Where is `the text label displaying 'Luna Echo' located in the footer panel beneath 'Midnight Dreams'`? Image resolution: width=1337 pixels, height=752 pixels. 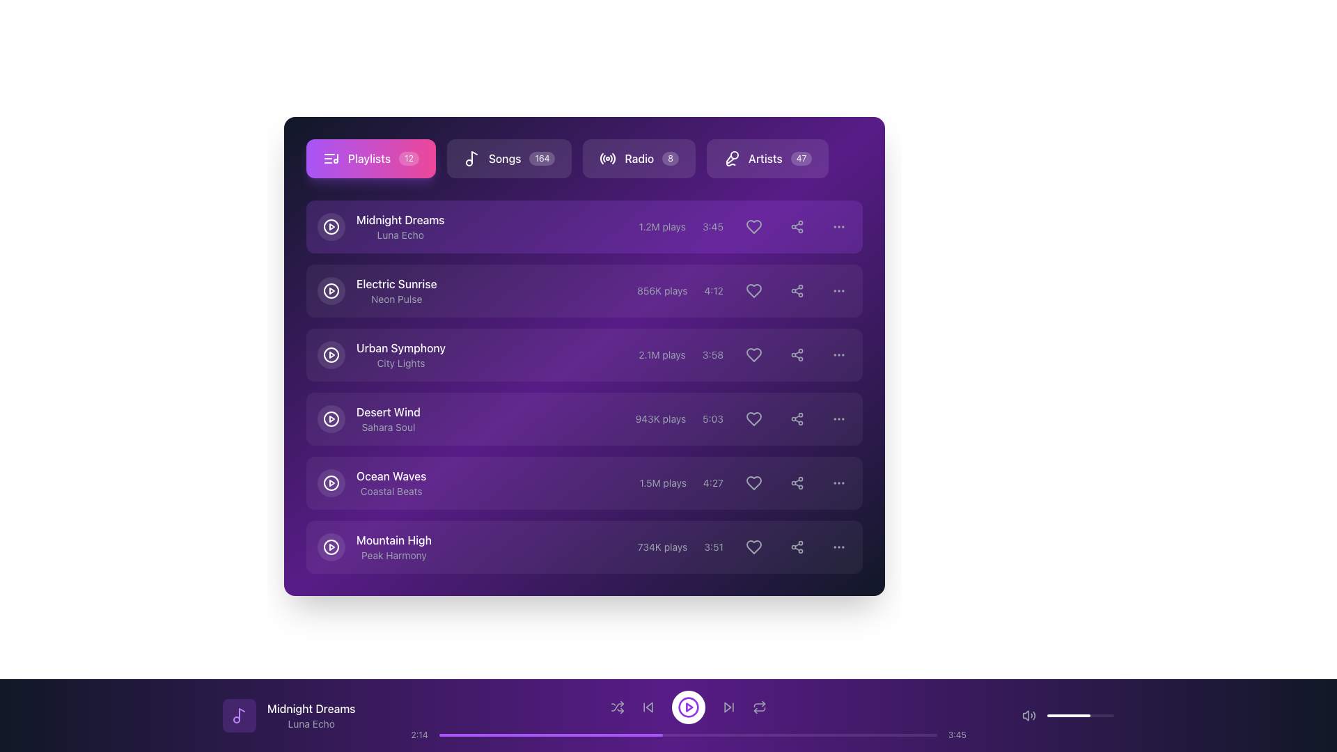
the text label displaying 'Luna Echo' located in the footer panel beneath 'Midnight Dreams' is located at coordinates (311, 723).